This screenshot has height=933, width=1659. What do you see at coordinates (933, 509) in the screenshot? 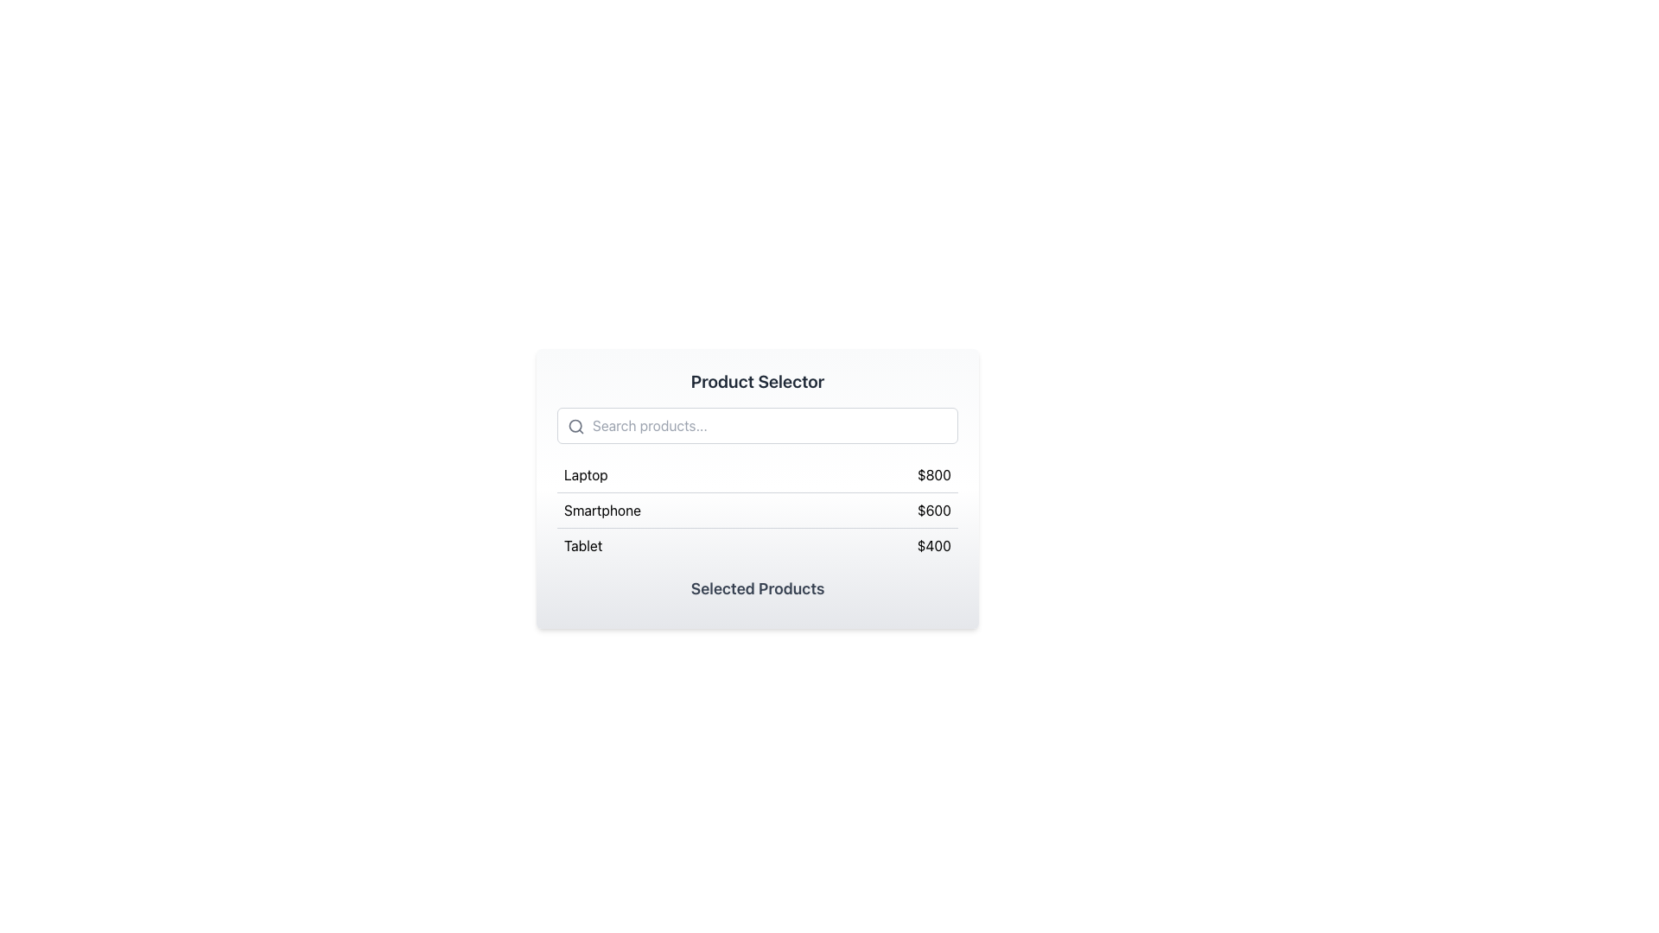
I see `the text label displaying '$600', which is positioned to the right of the 'Smartphone' label in the list` at bounding box center [933, 509].